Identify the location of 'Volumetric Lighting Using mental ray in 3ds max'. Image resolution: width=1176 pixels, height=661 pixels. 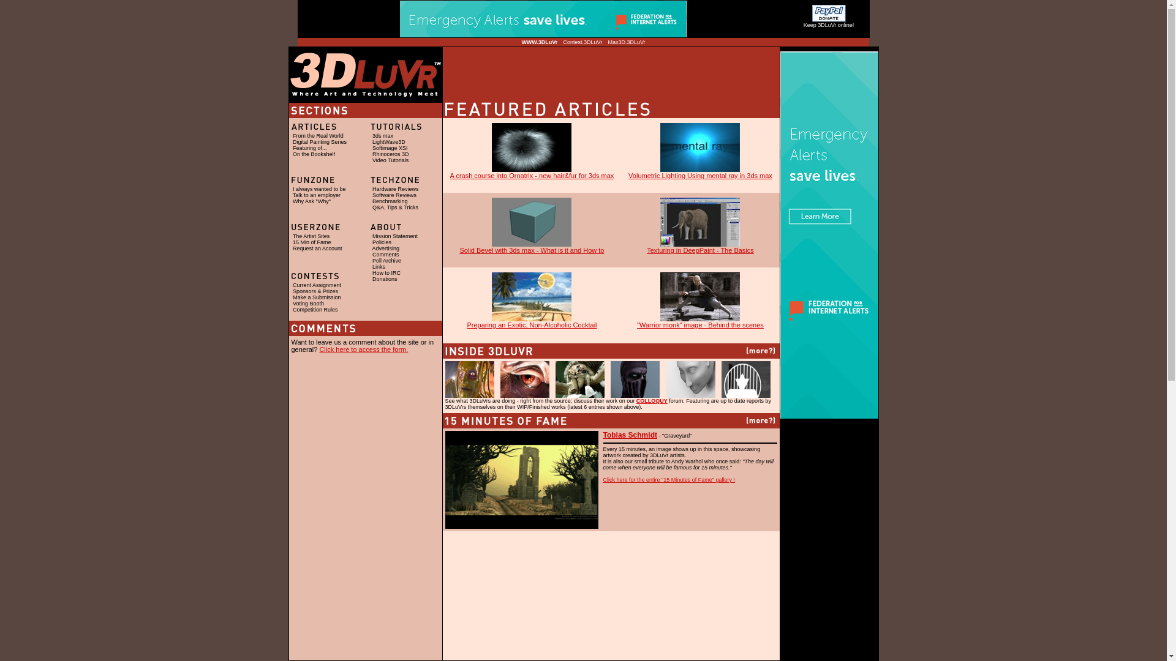
(700, 172).